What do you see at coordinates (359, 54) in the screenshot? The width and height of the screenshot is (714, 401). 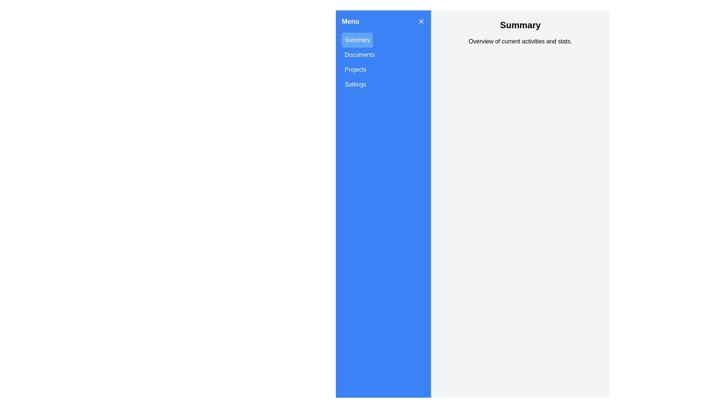 I see `the Documents section from the menu` at bounding box center [359, 54].